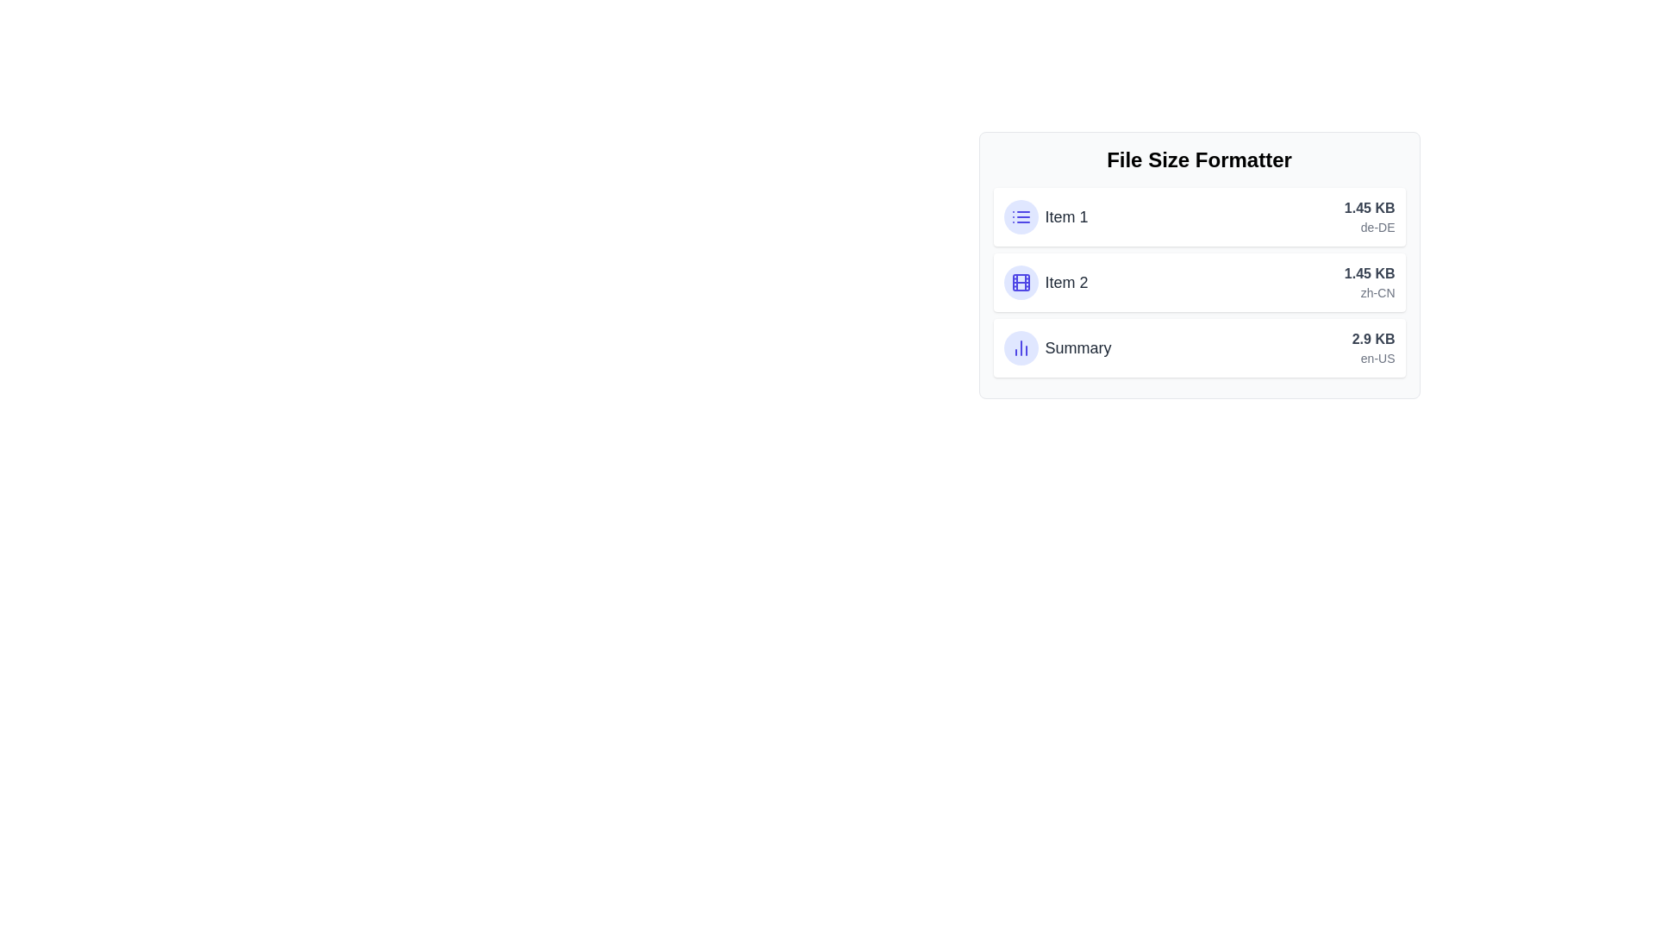 This screenshot has width=1655, height=931. I want to click on the icon associated with the second item in the list labeled 'Item 2', so click(1045, 281).